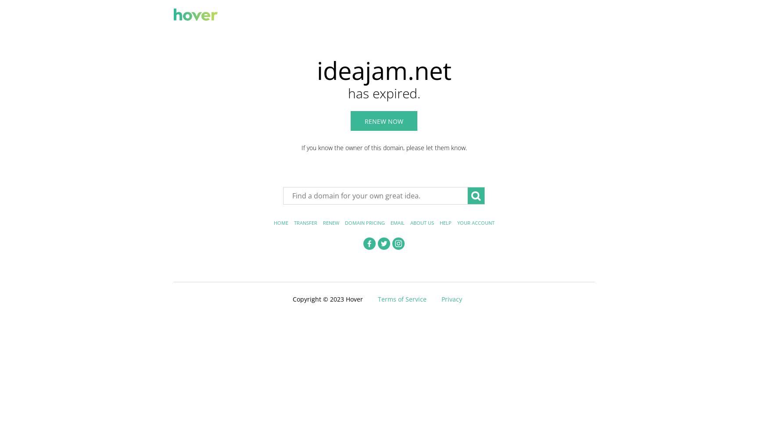 Image resolution: width=768 pixels, height=439 pixels. What do you see at coordinates (273, 223) in the screenshot?
I see `'Home'` at bounding box center [273, 223].